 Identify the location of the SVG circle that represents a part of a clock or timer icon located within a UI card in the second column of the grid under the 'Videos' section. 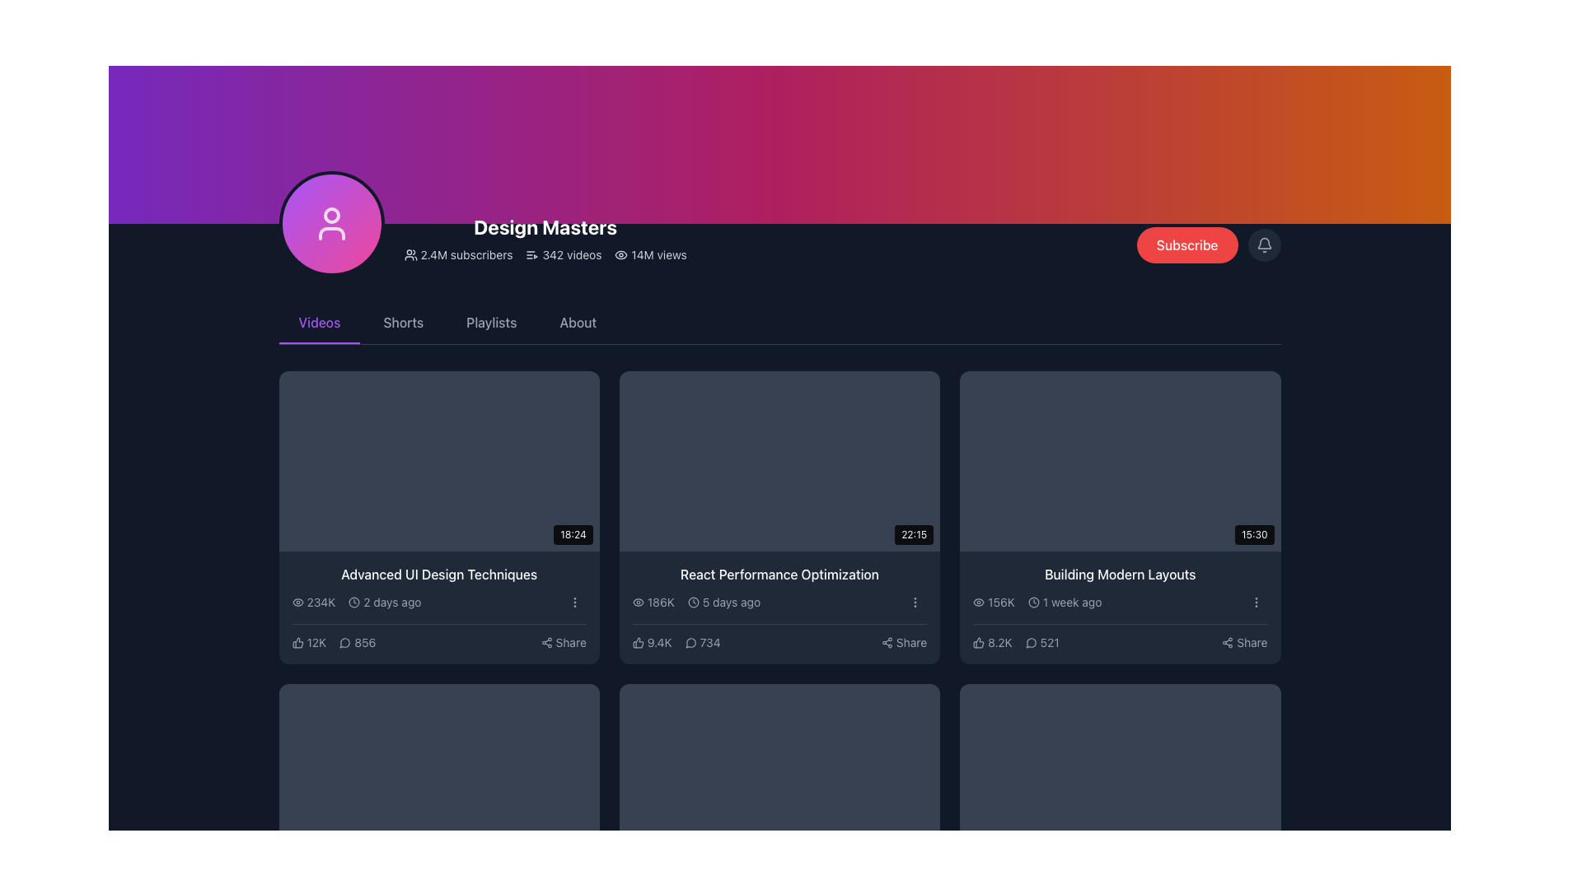
(693, 603).